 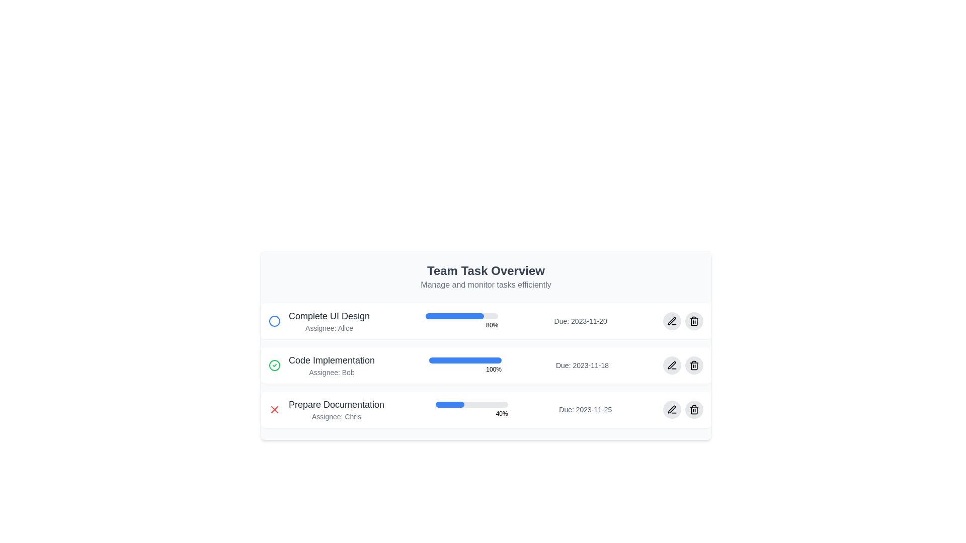 What do you see at coordinates (465, 365) in the screenshot?
I see `the Progress indicator with text that visually represents the task completion status in the 'Code Implementation' task section` at bounding box center [465, 365].